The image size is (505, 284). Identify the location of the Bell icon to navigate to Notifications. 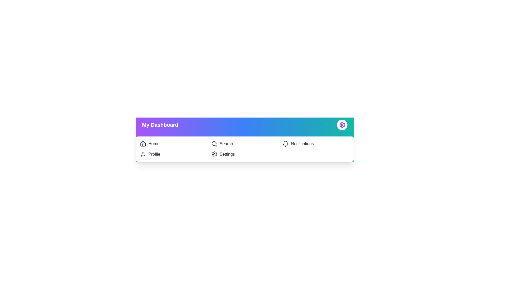
(285, 144).